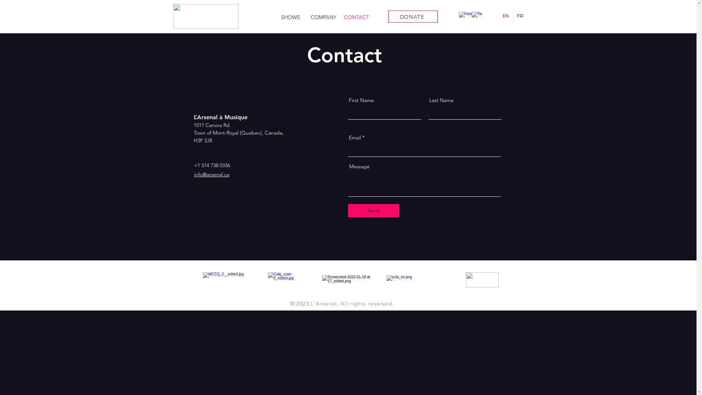  Describe the element at coordinates (205, 16) in the screenshot. I see `'6420_08 ARSENAL_logo Transparent.gif'` at that location.